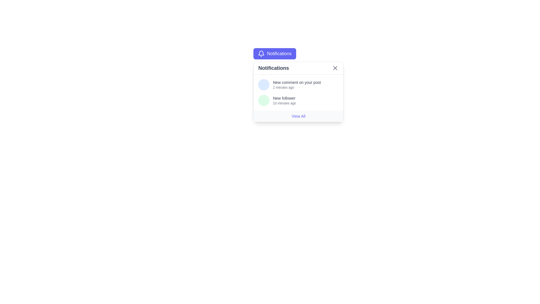 The image size is (540, 304). Describe the element at coordinates (335, 68) in the screenshot. I see `the small gray 'X' button` at that location.